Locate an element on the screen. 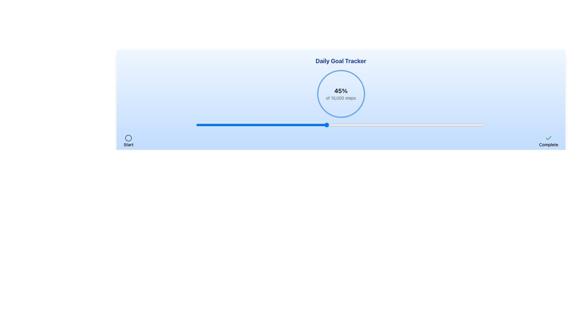  the green checkmark icon located in the 'Complete' section at the bottom right corner of the interface is located at coordinates (549, 138).